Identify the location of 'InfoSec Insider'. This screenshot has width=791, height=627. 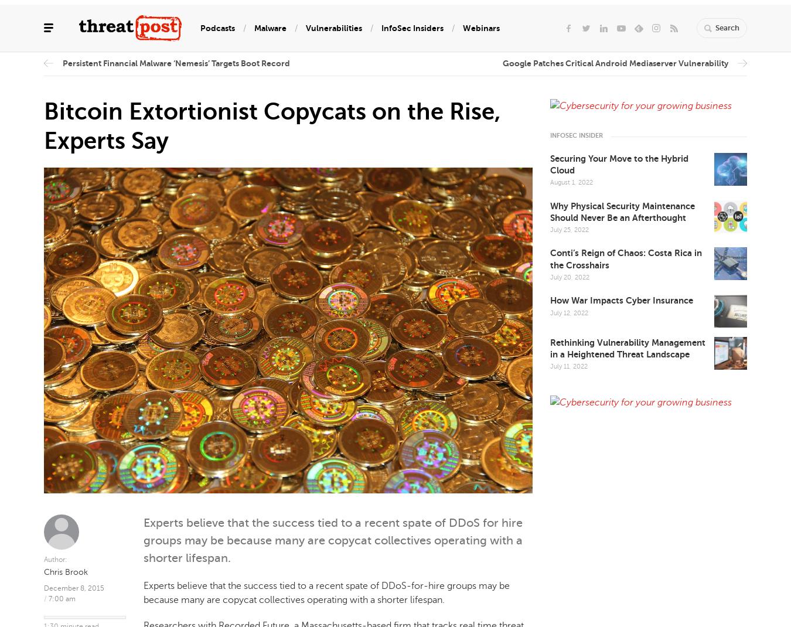
(576, 135).